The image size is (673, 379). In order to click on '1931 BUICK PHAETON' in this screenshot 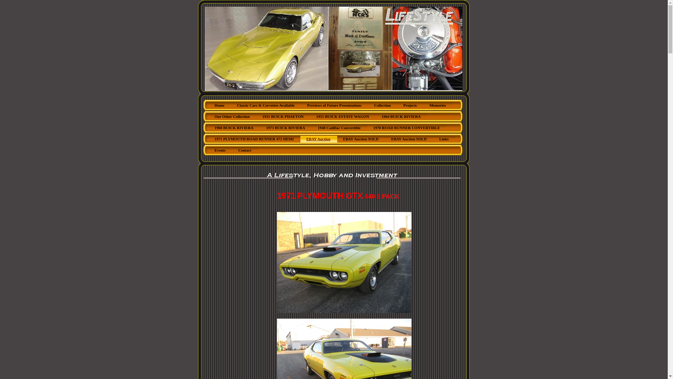, I will do `click(283, 117)`.